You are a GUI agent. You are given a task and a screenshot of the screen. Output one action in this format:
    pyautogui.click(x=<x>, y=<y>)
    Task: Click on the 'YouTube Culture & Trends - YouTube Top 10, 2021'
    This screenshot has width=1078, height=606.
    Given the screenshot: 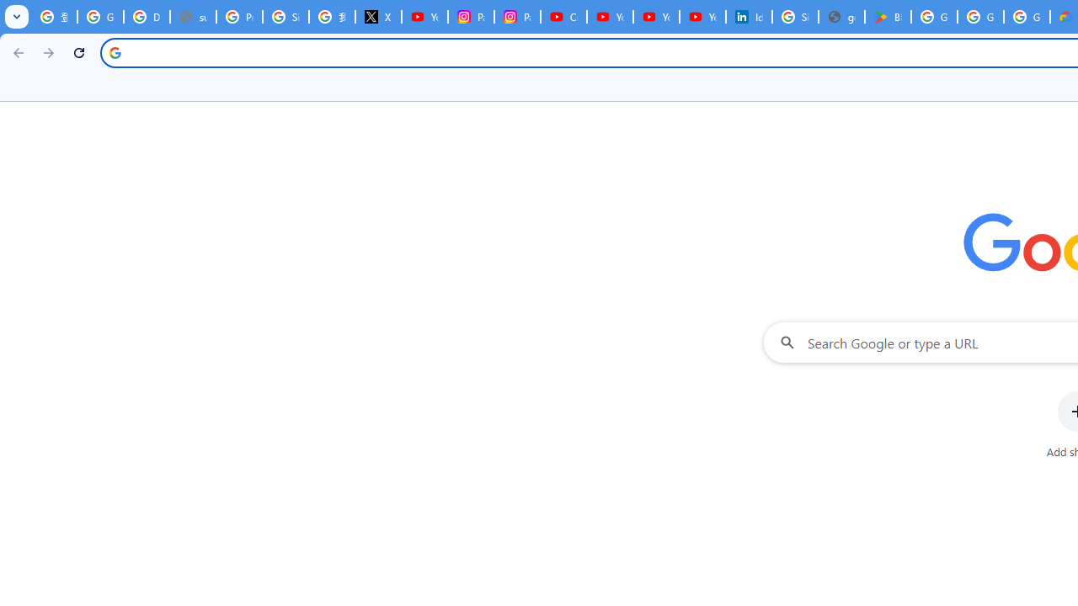 What is the action you would take?
    pyautogui.click(x=655, y=17)
    